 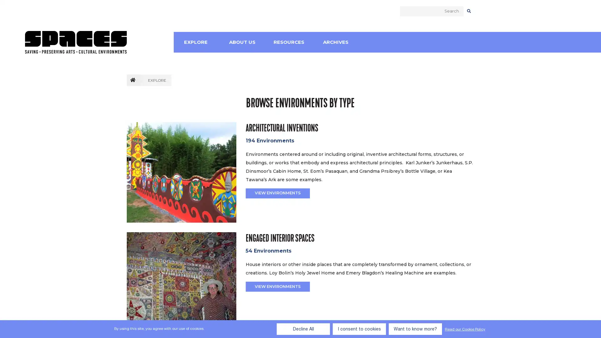 What do you see at coordinates (359, 329) in the screenshot?
I see `I consent to cookies` at bounding box center [359, 329].